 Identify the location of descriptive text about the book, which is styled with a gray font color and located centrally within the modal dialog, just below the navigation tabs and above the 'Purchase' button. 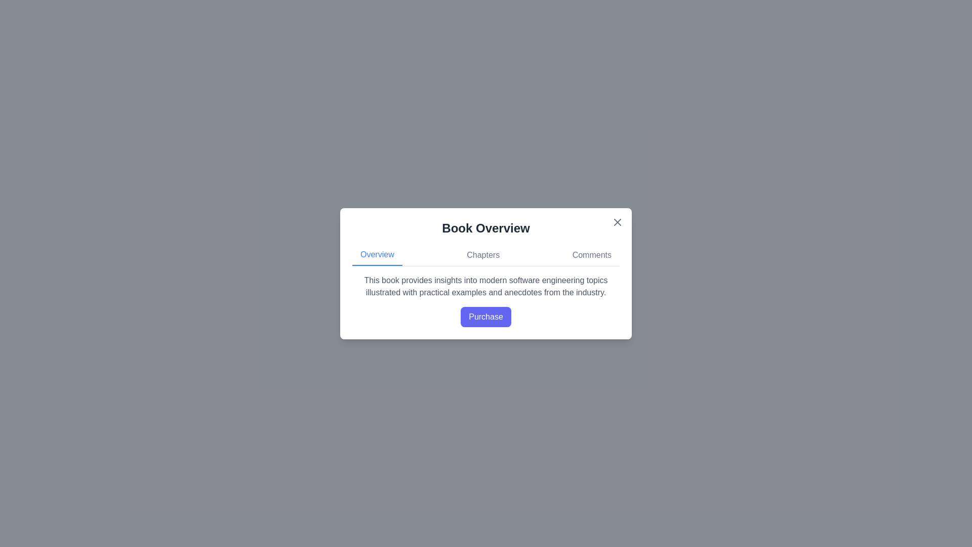
(486, 286).